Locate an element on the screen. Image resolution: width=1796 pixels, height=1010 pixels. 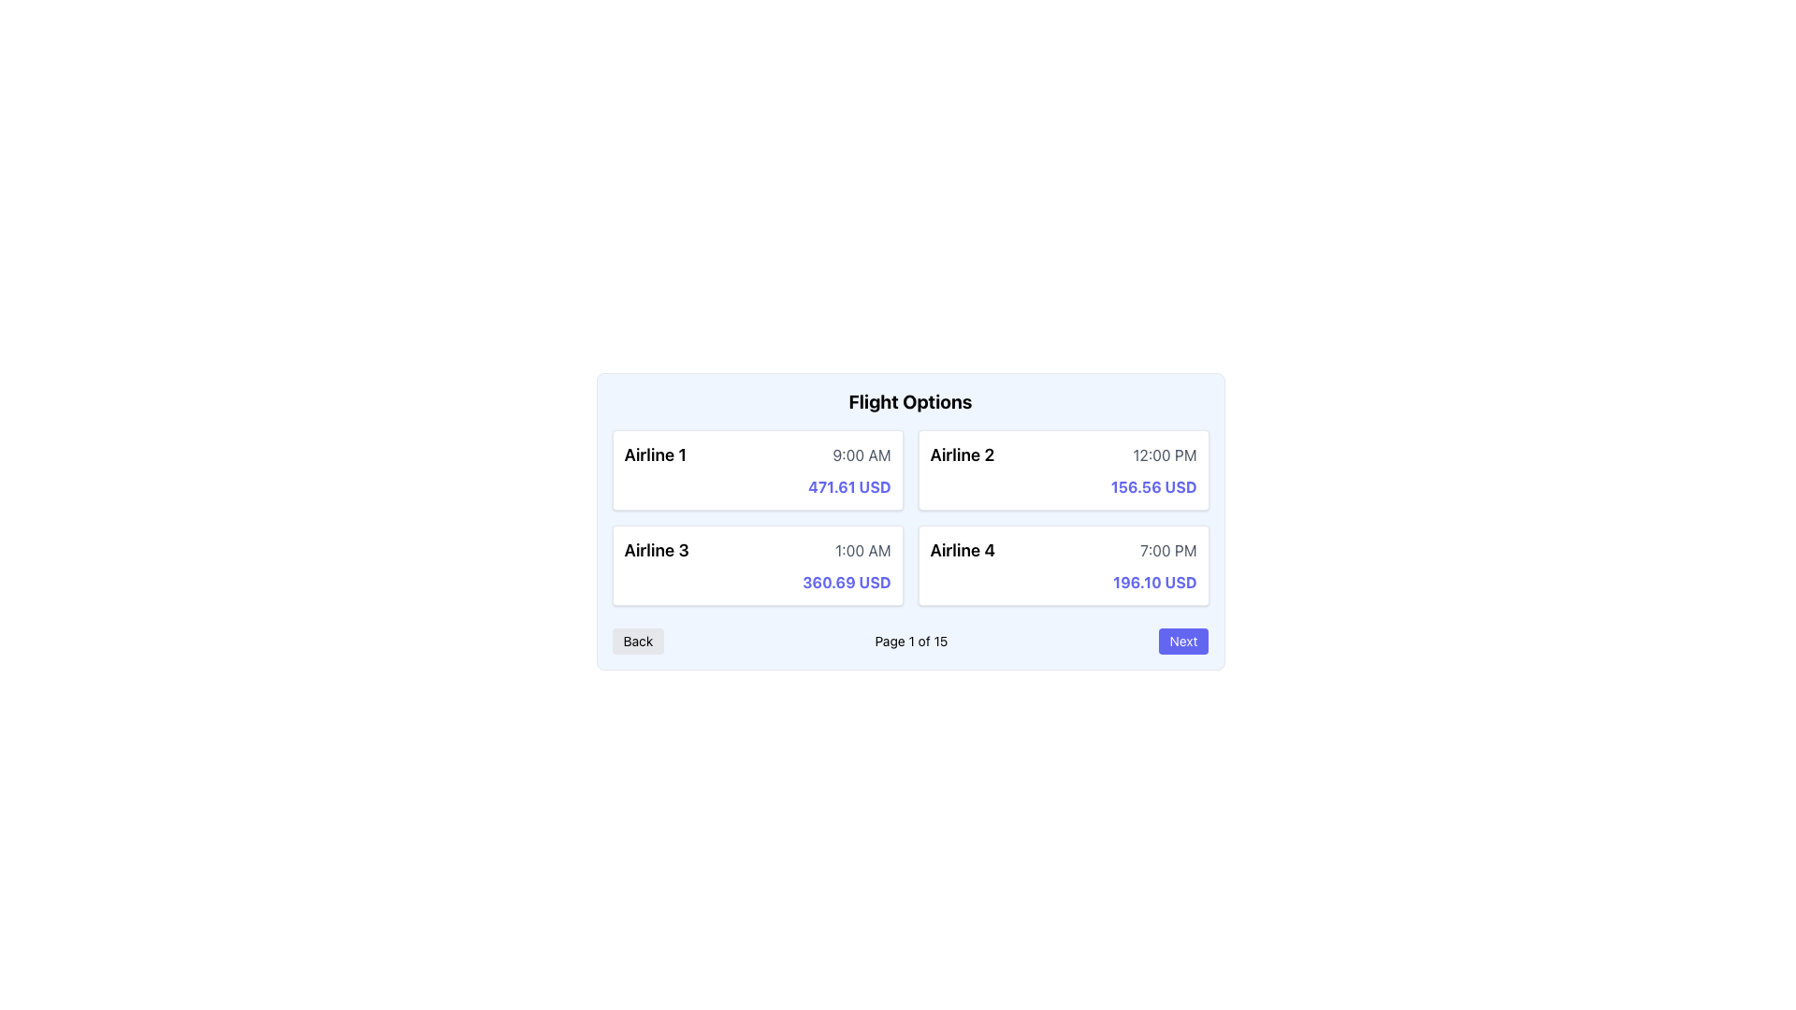
displayed departure time information for 'Airline 1', which is located in the upper left grid cell of the flight options, next to the airline's price is located at coordinates (861, 454).